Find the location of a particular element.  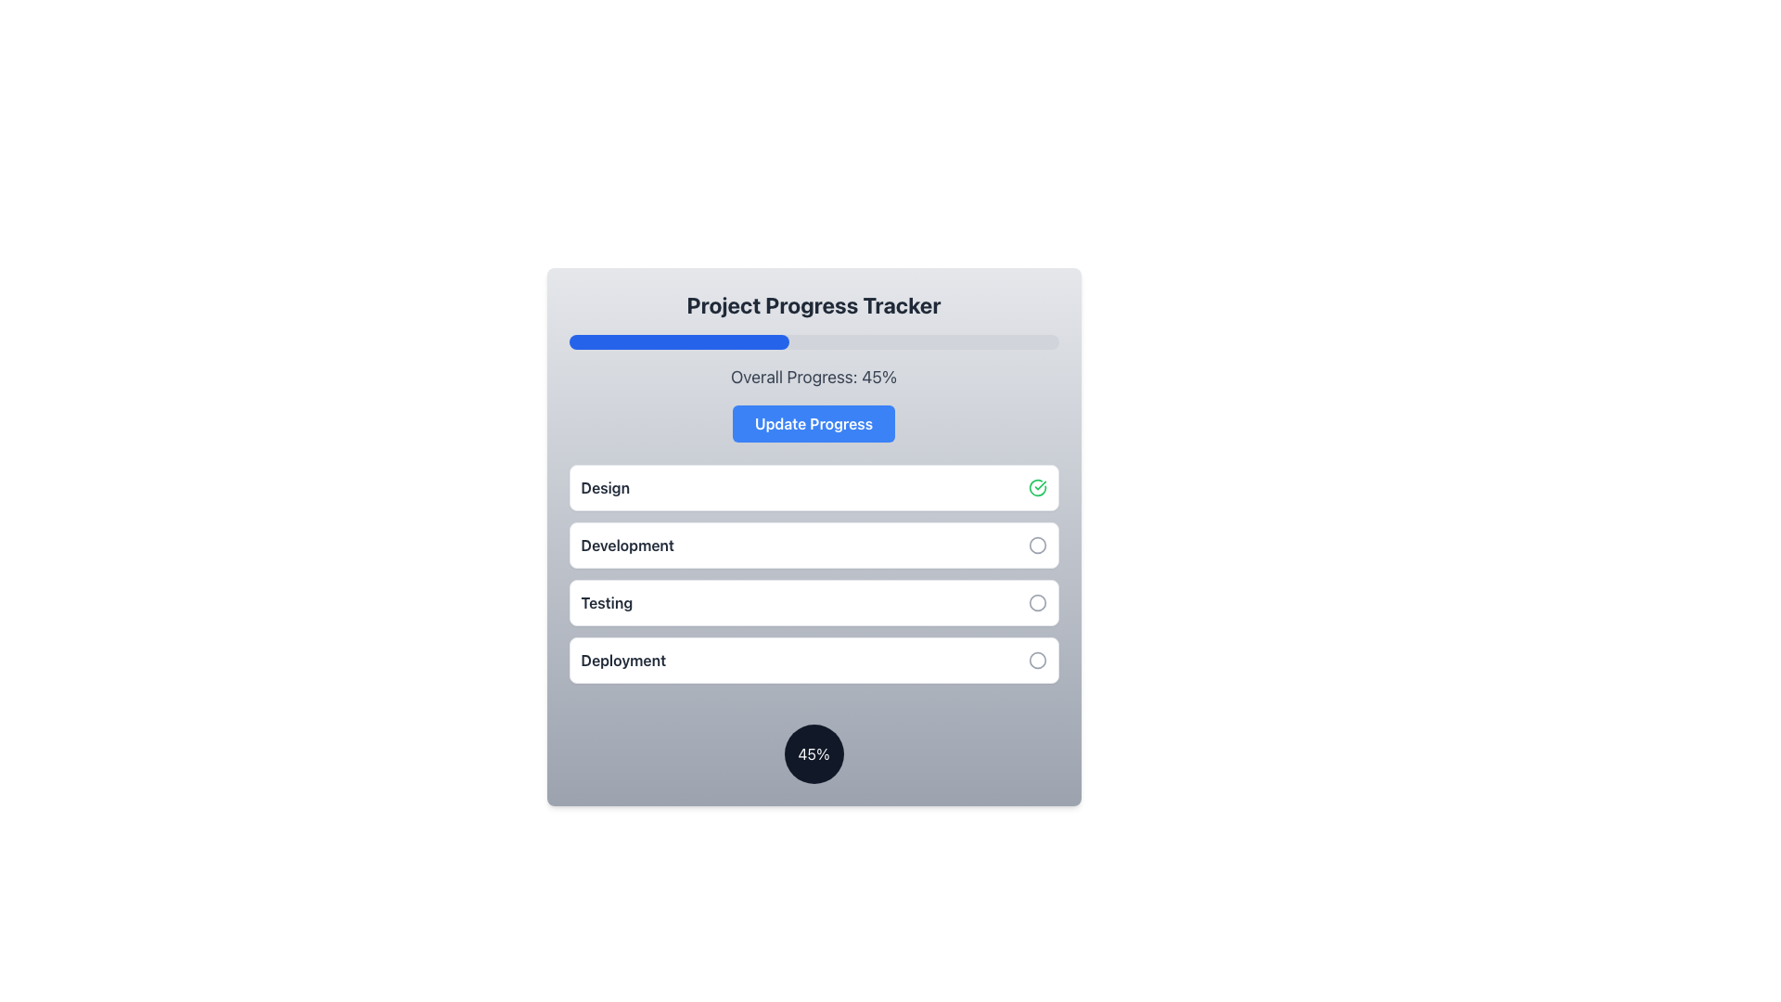

the SVG Circle icon associated with the second task labeled 'Development', located to the right of the 'Development' label is located at coordinates (1036, 544).